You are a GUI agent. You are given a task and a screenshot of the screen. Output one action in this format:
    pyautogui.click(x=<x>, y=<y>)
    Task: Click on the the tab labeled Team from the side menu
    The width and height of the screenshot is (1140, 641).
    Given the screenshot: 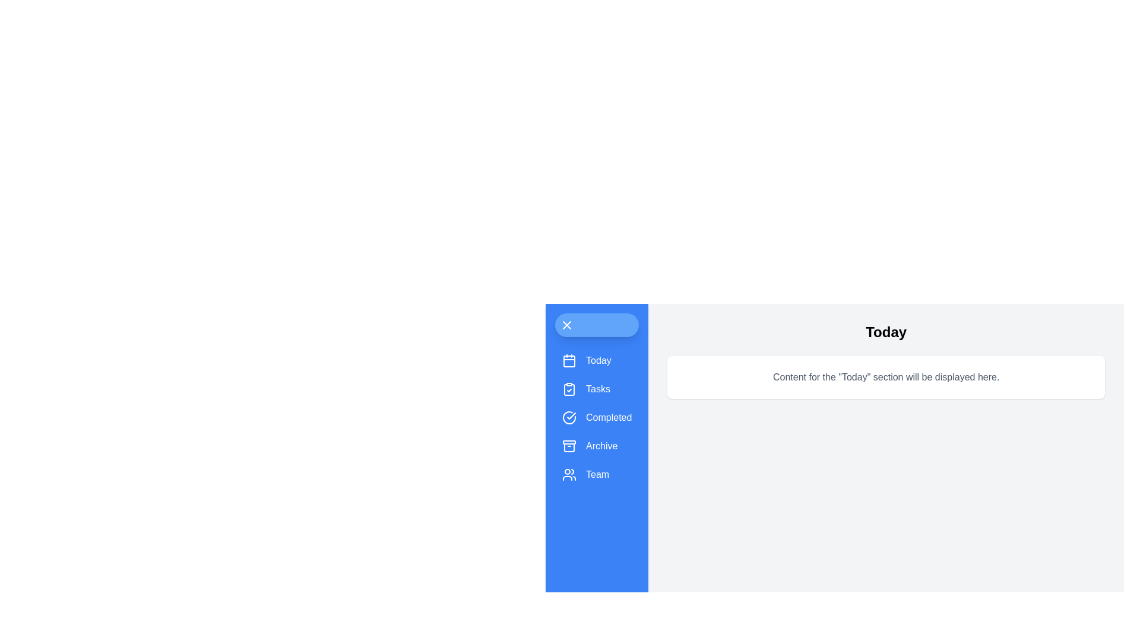 What is the action you would take?
    pyautogui.click(x=597, y=474)
    